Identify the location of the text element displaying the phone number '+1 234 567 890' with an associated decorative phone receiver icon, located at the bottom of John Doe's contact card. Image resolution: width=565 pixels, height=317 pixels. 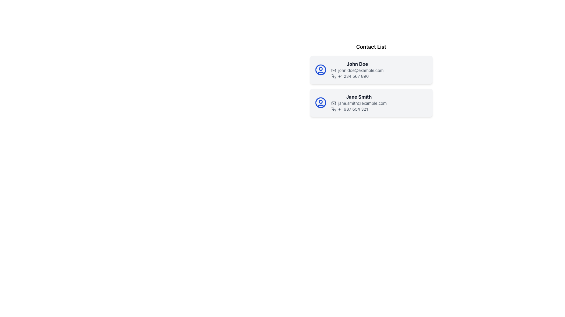
(357, 76).